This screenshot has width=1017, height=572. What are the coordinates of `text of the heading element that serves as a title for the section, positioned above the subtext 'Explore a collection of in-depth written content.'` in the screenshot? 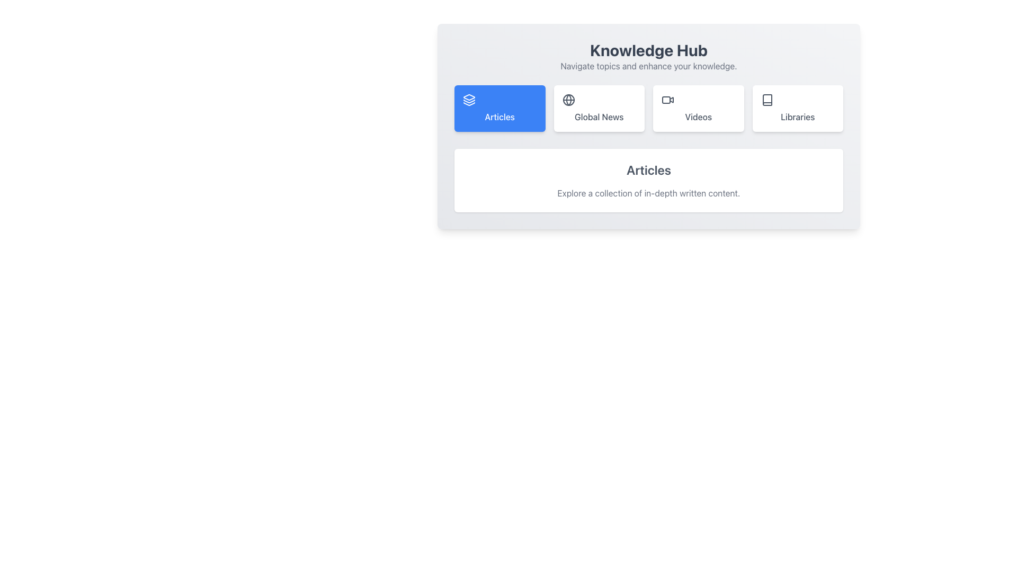 It's located at (648, 169).